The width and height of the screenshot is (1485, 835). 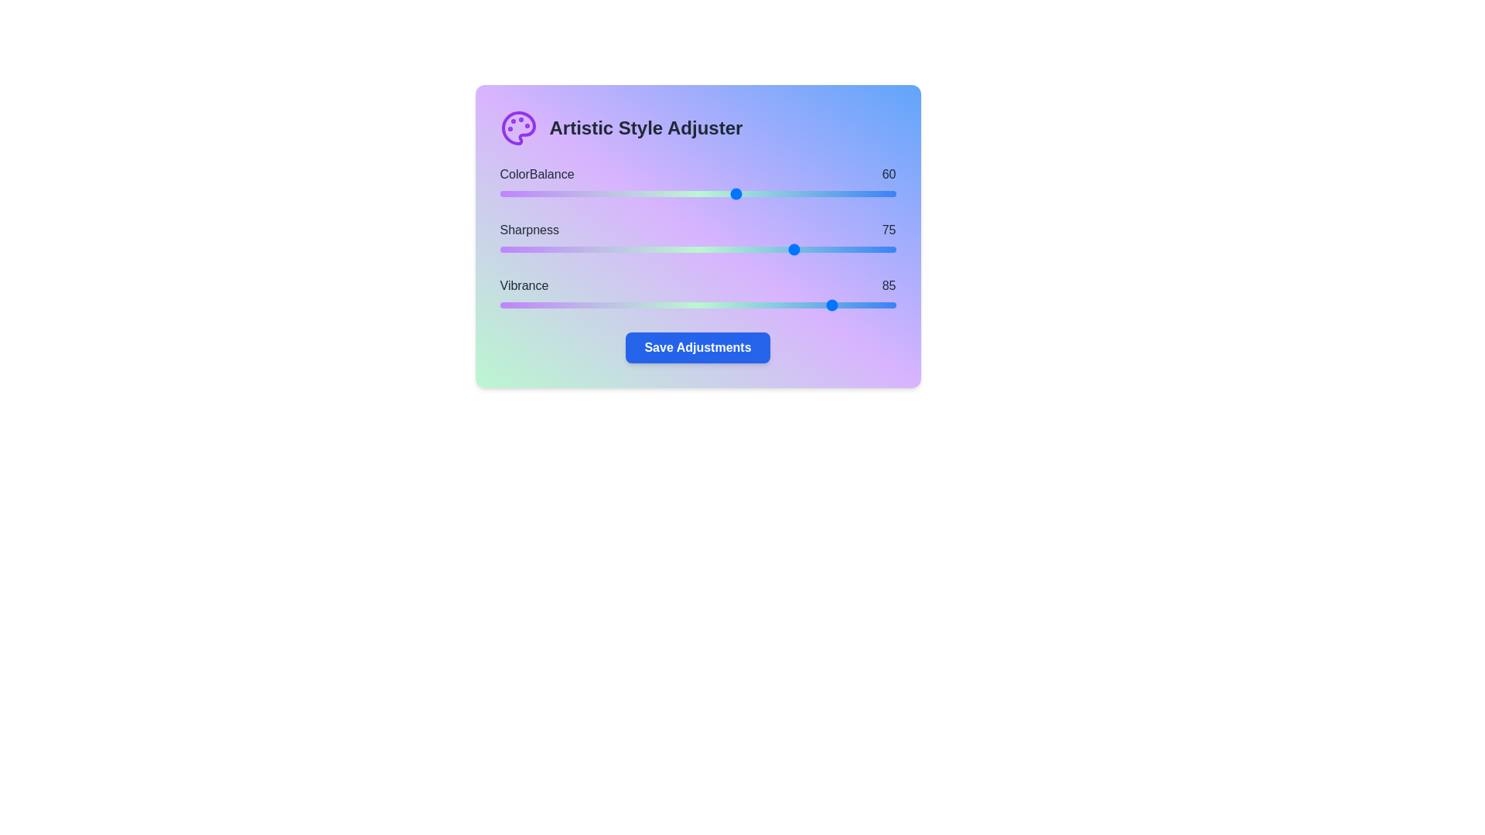 I want to click on the 'Save' button located at the bottom of the 'Artistic Style Adjuster' card, which allows users to save adjustments made using the sliders for Color Balance, Sharpness, and Vibrance, so click(x=697, y=348).